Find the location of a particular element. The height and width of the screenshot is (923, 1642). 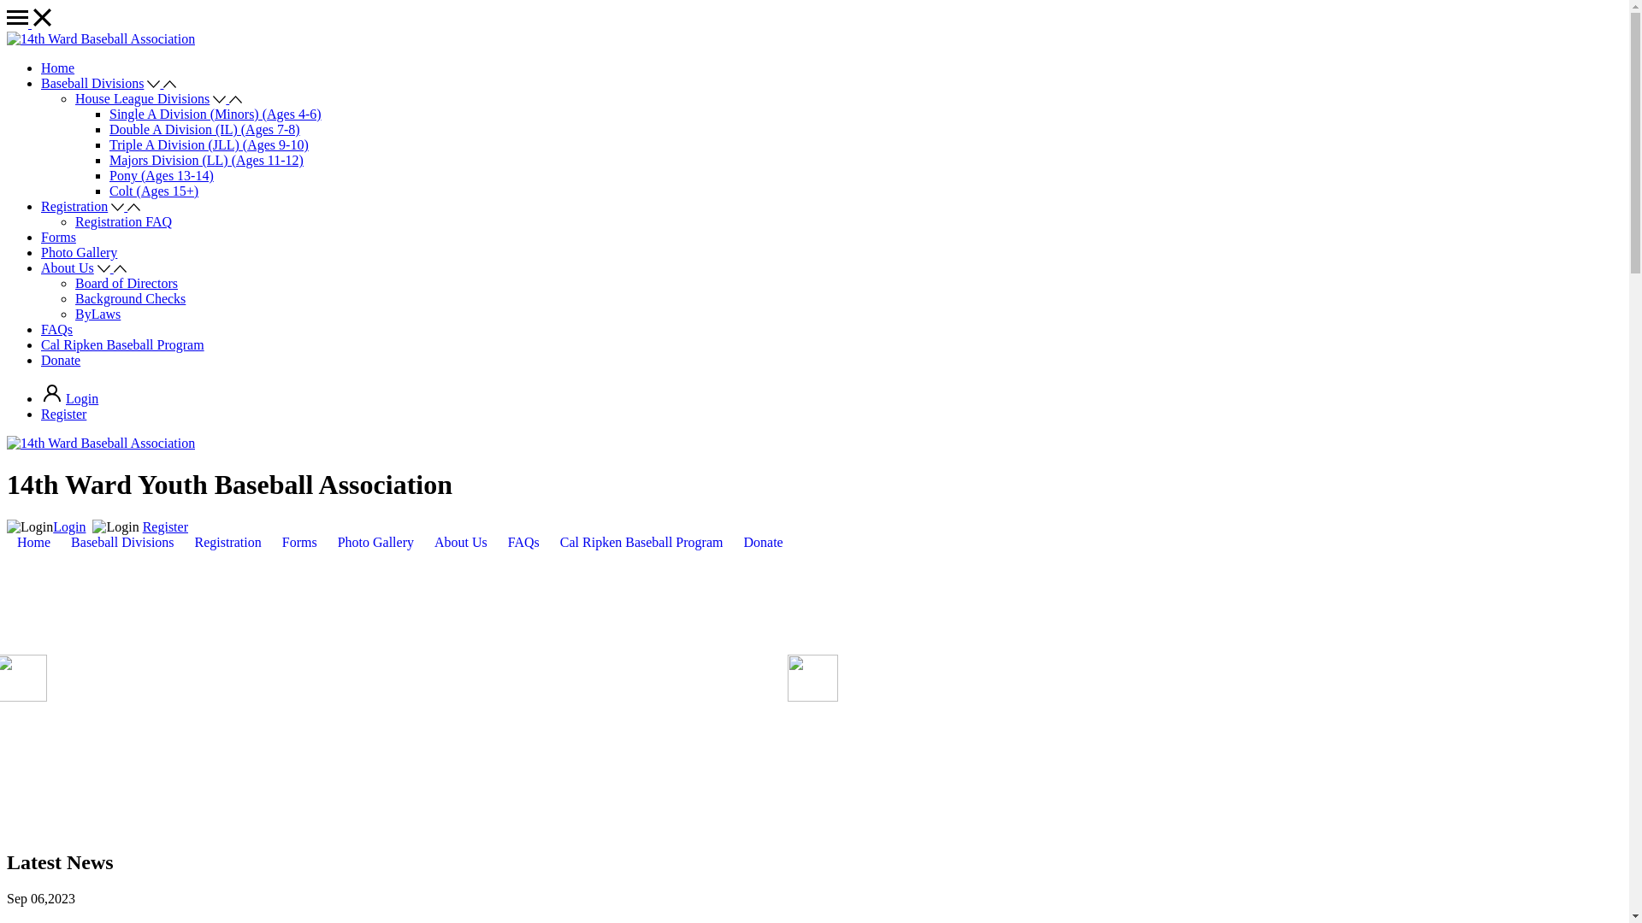

'Background Checks' is located at coordinates (74, 297).